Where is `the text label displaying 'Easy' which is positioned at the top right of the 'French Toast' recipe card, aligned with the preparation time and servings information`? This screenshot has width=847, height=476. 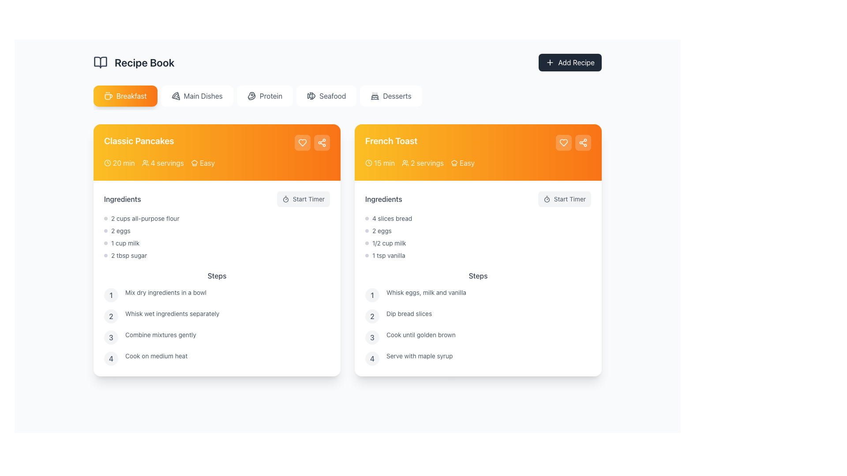
the text label displaying 'Easy' which is positioned at the top right of the 'French Toast' recipe card, aligned with the preparation time and servings information is located at coordinates (466, 163).